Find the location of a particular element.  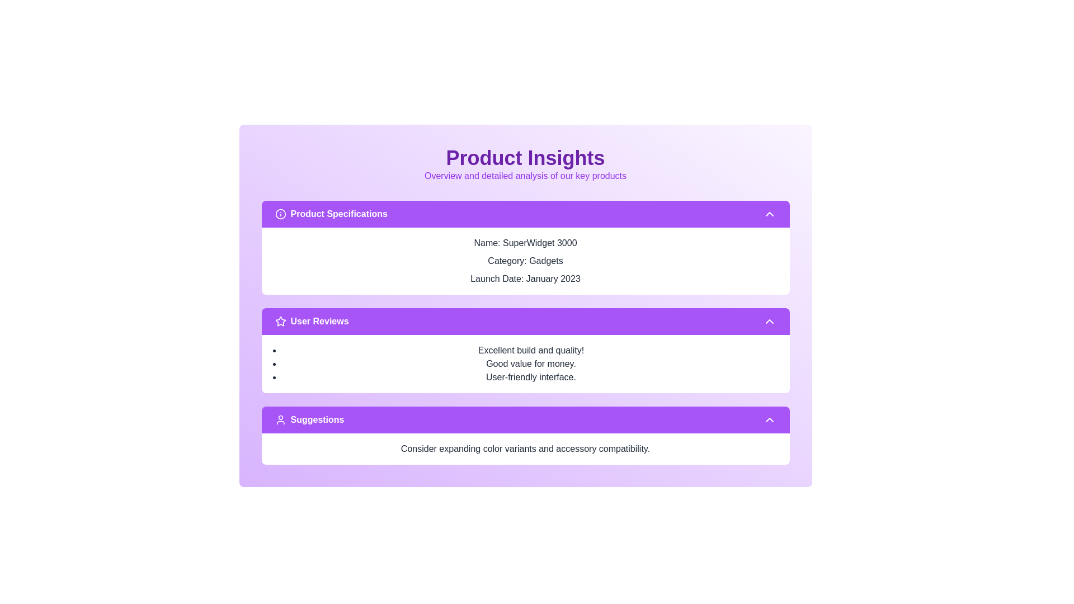

the text element displaying 'Good value for money.' which is the second item in the bulleted list under the 'User Reviews' section is located at coordinates (530, 364).